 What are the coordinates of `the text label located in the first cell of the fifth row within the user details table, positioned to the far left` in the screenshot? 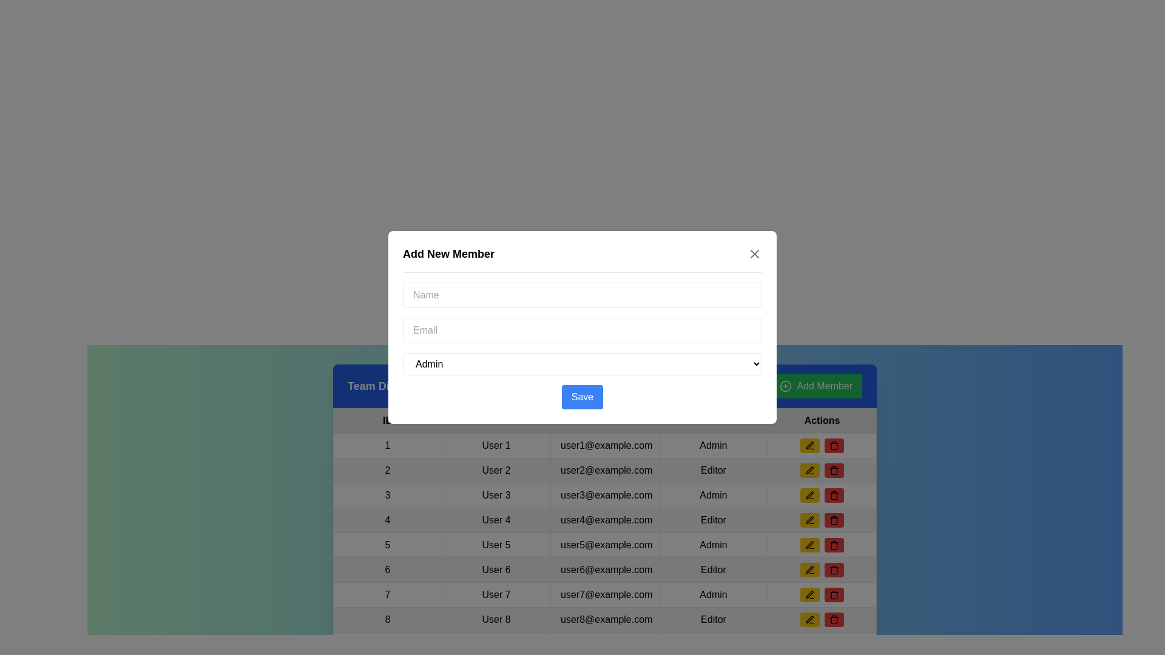 It's located at (387, 544).